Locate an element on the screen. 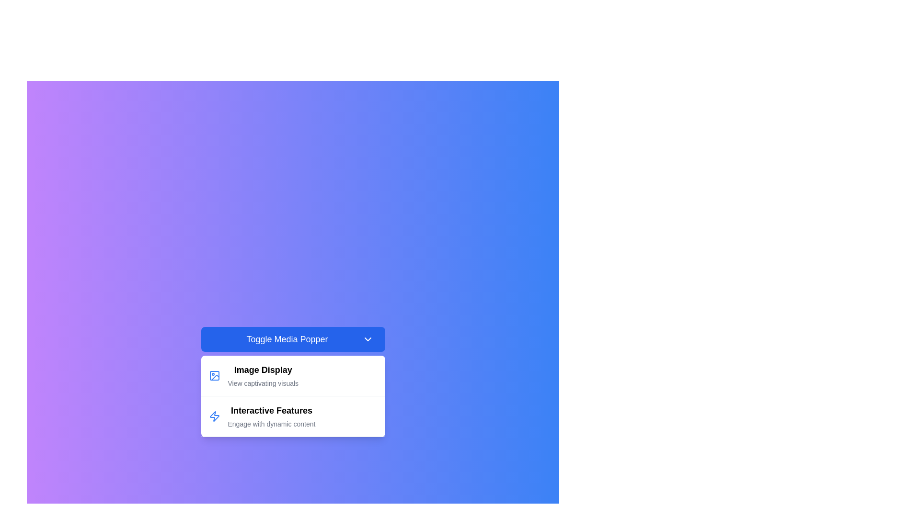 This screenshot has width=920, height=517. the text label that describes the menu option or feature related to image display, which is positioned below the 'Toggle Media Popper' button and above the 'Interactive Features' entry is located at coordinates (263, 375).